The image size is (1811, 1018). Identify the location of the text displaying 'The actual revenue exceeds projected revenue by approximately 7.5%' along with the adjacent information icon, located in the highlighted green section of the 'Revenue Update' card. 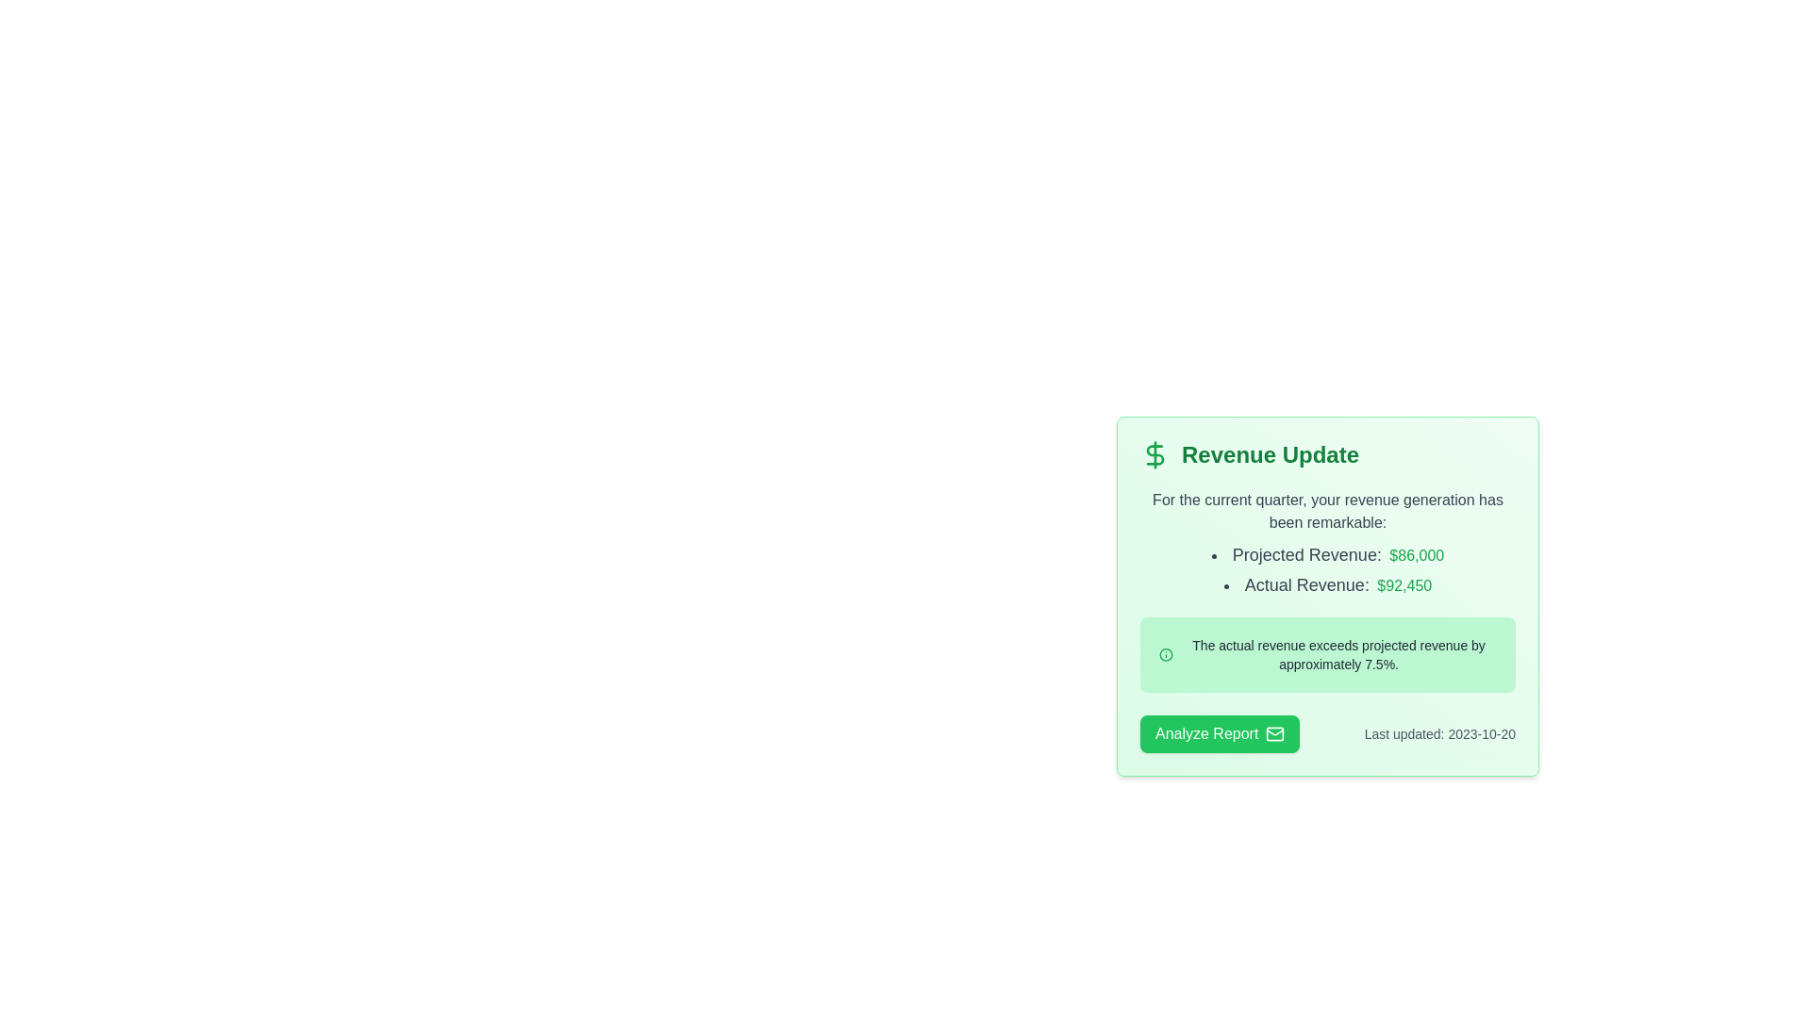
(1326, 653).